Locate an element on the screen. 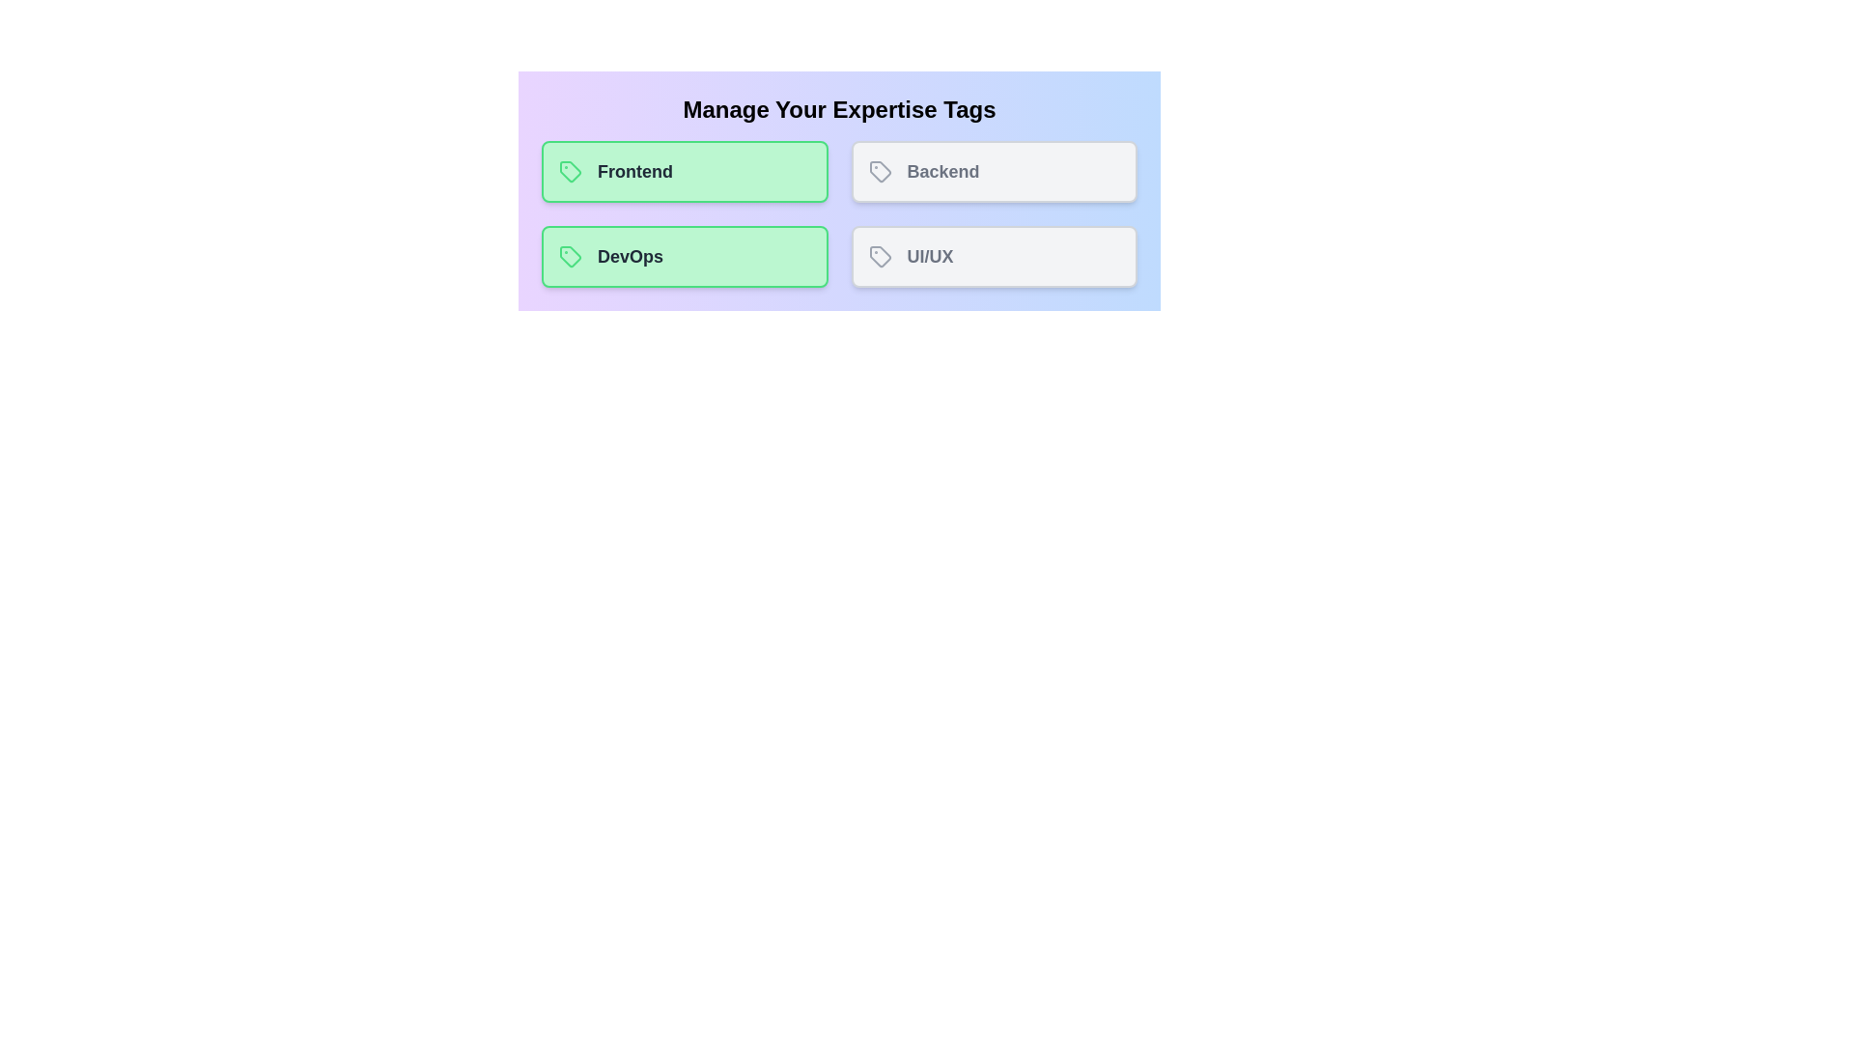 The height and width of the screenshot is (1043, 1854). the center of the header to focus on it is located at coordinates (839, 110).